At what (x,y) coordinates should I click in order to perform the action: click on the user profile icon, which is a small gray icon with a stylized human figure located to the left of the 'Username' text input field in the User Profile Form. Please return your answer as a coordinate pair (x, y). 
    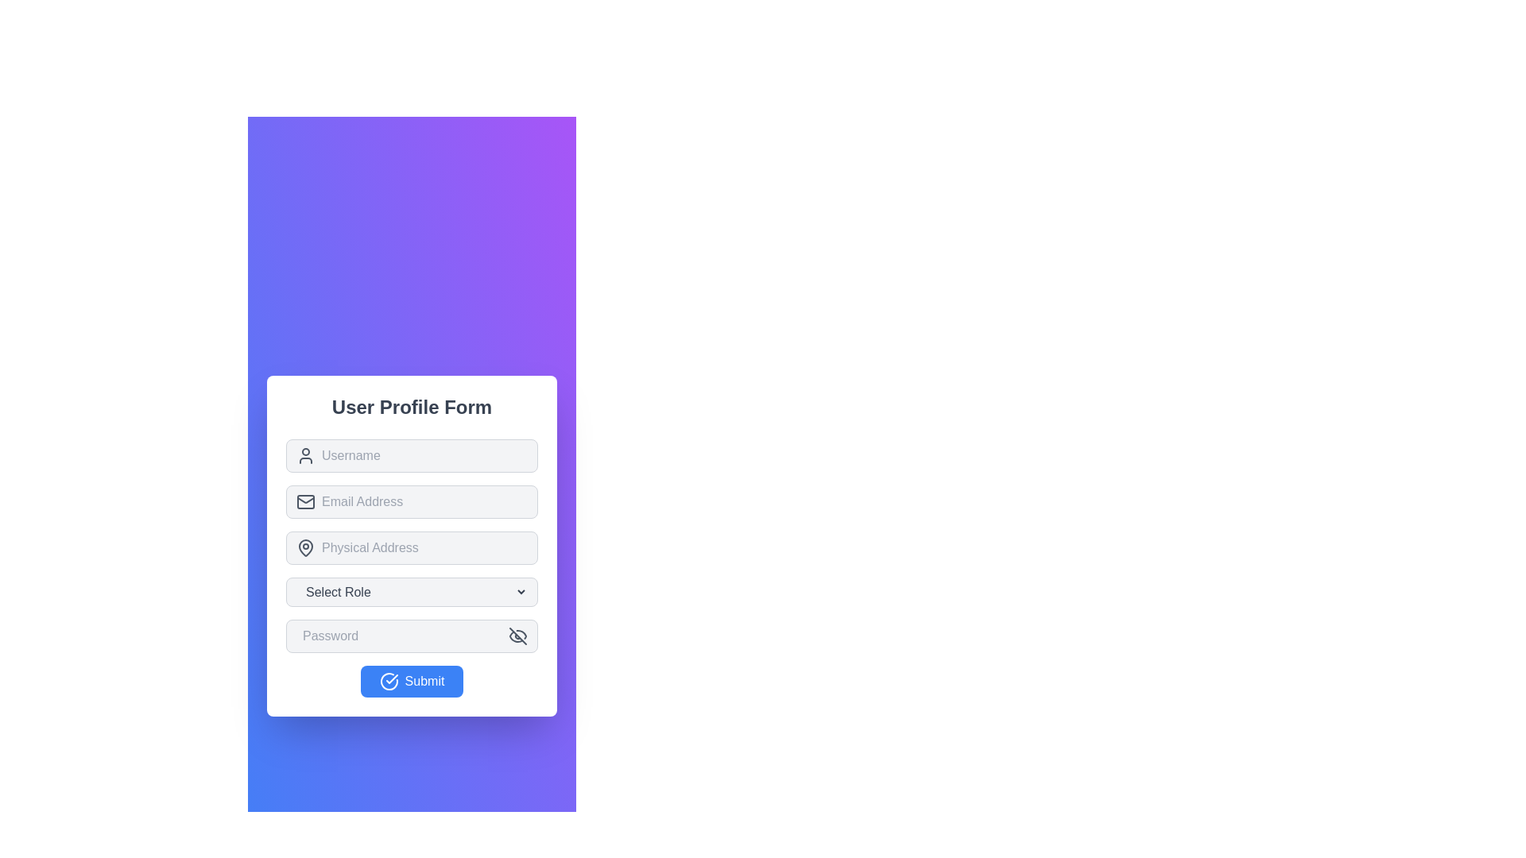
    Looking at the image, I should click on (305, 455).